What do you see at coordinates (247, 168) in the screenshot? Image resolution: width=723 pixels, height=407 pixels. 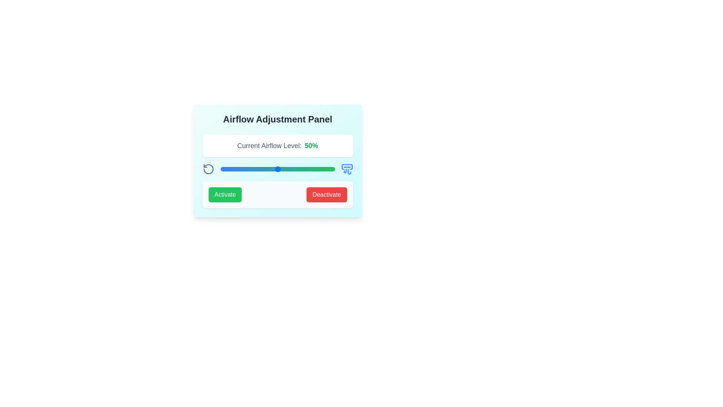 I see `the airflow level to 23% by moving the slider` at bounding box center [247, 168].